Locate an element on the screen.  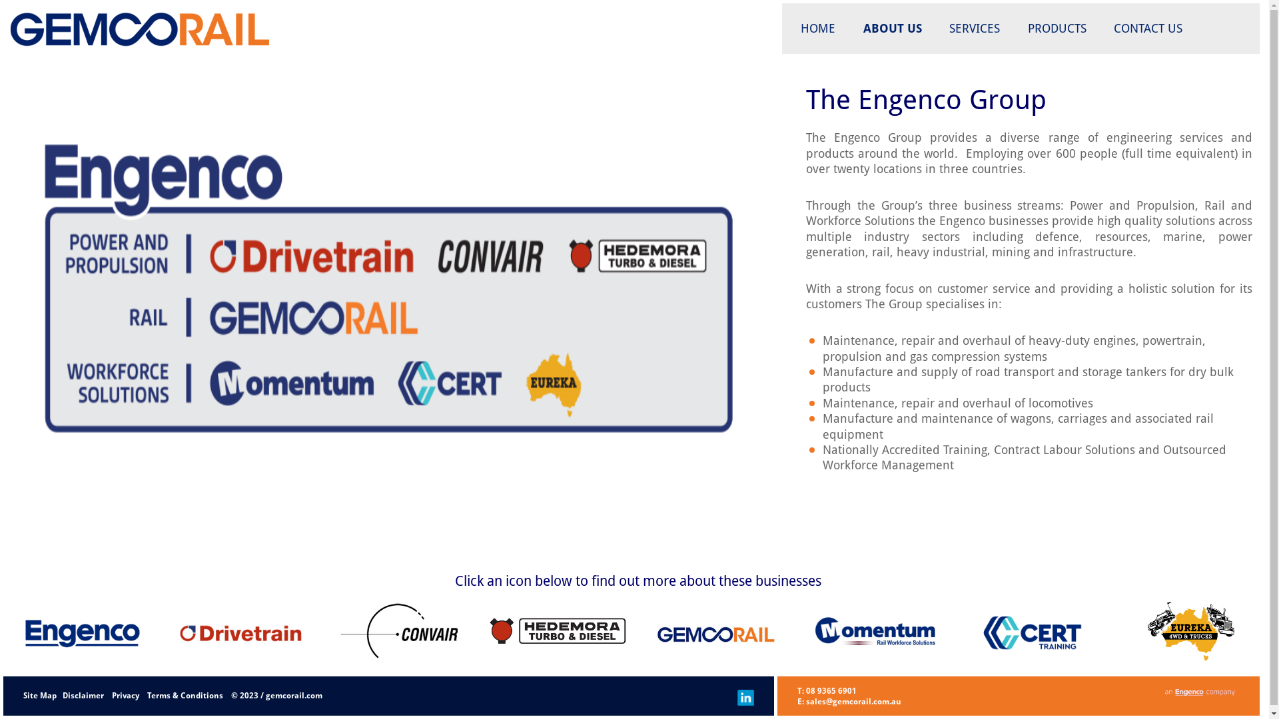
'Privacy' is located at coordinates (125, 695).